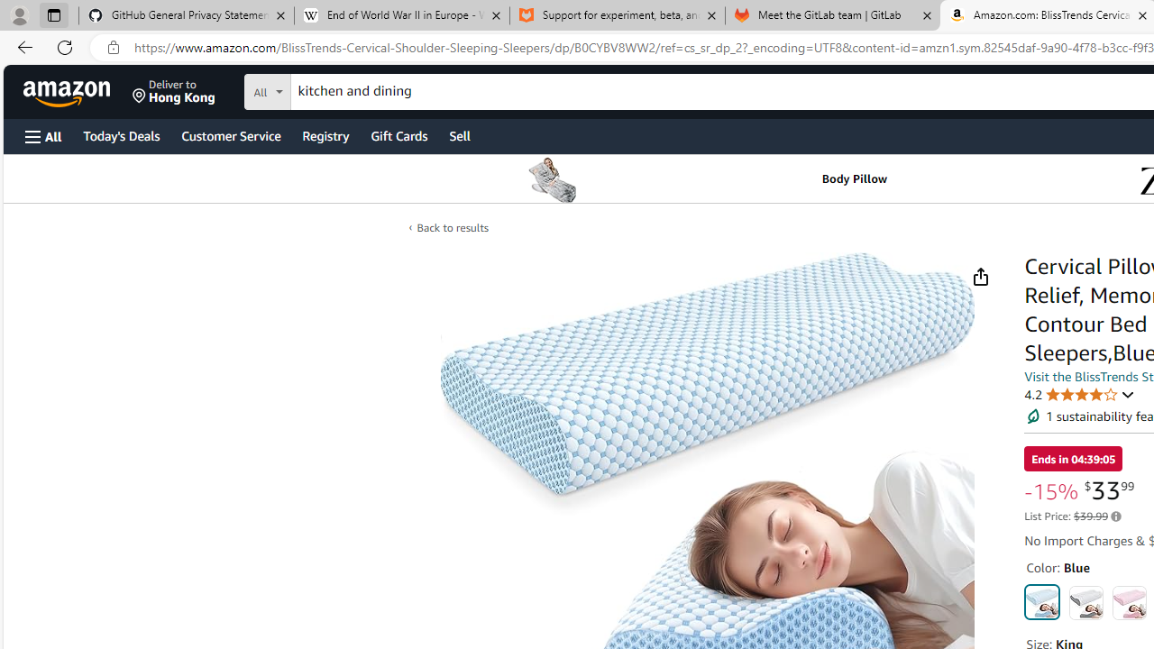  I want to click on 'GitHub General Privacy Statement - GitHub Docs', so click(187, 15).